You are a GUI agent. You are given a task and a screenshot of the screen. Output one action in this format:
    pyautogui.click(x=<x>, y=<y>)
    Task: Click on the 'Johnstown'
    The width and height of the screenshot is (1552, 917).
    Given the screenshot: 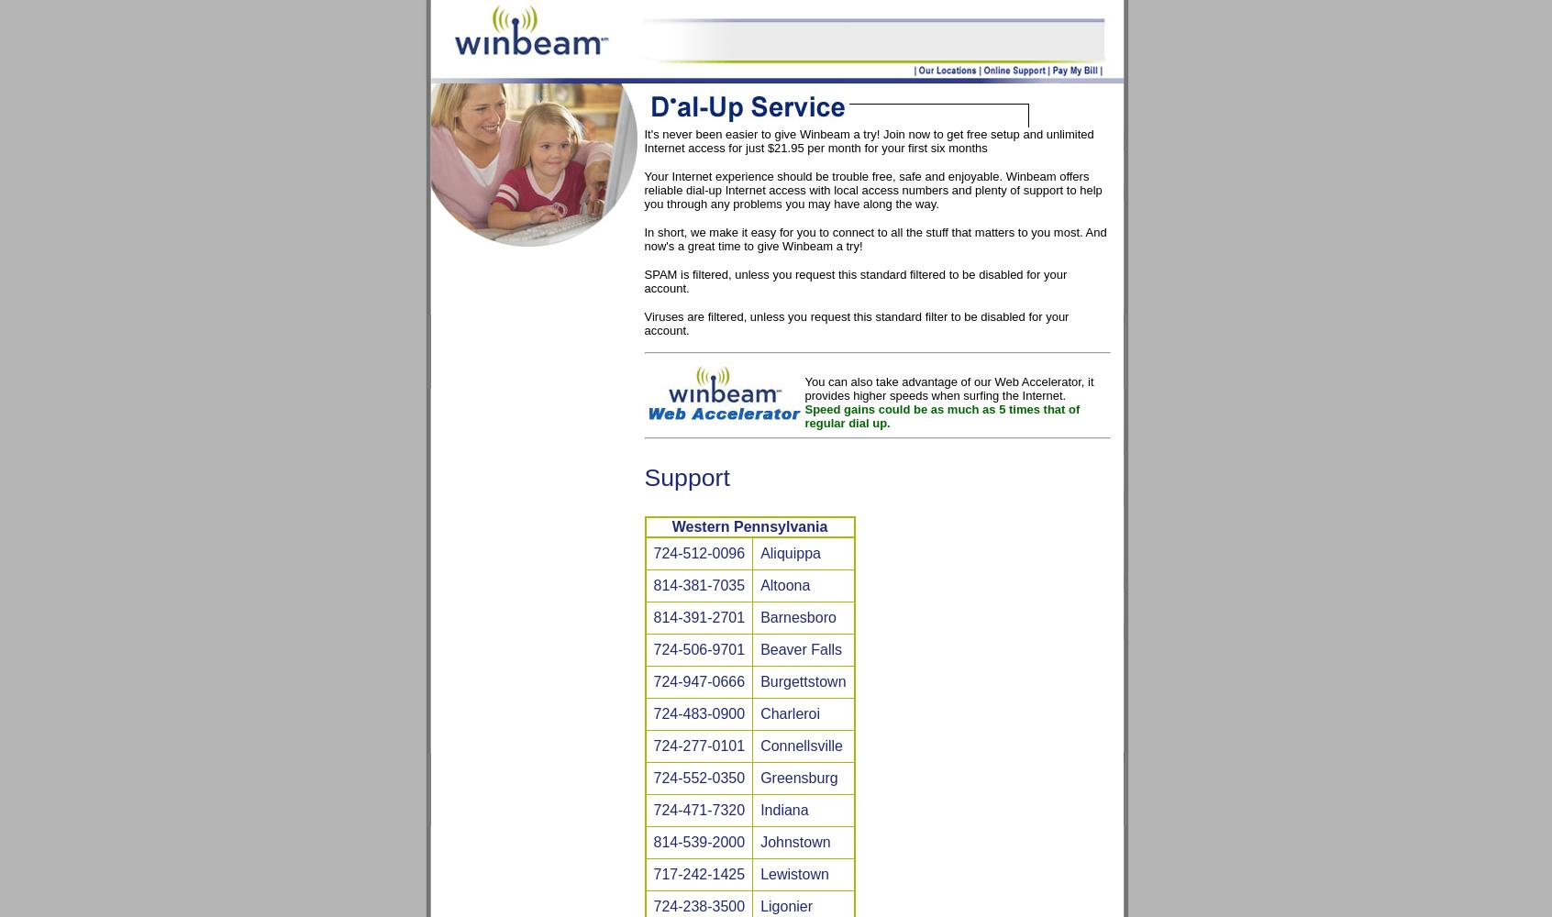 What is the action you would take?
    pyautogui.click(x=760, y=842)
    